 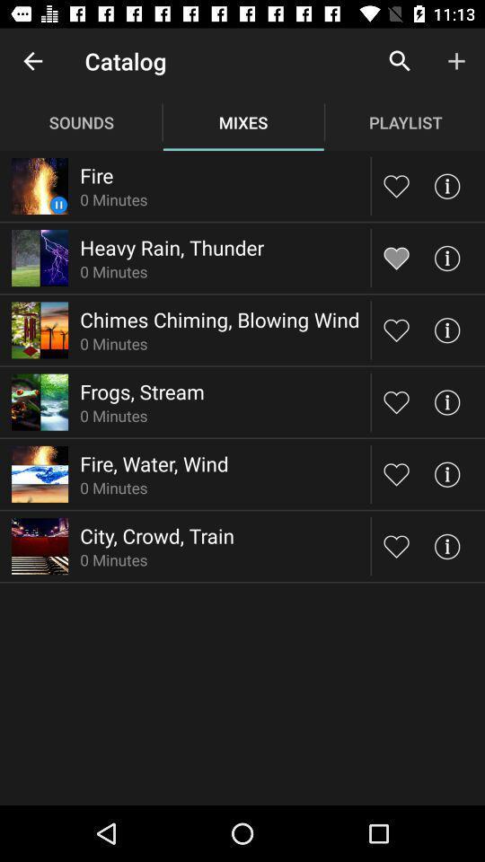 What do you see at coordinates (396, 473) in the screenshot?
I see `like button` at bounding box center [396, 473].